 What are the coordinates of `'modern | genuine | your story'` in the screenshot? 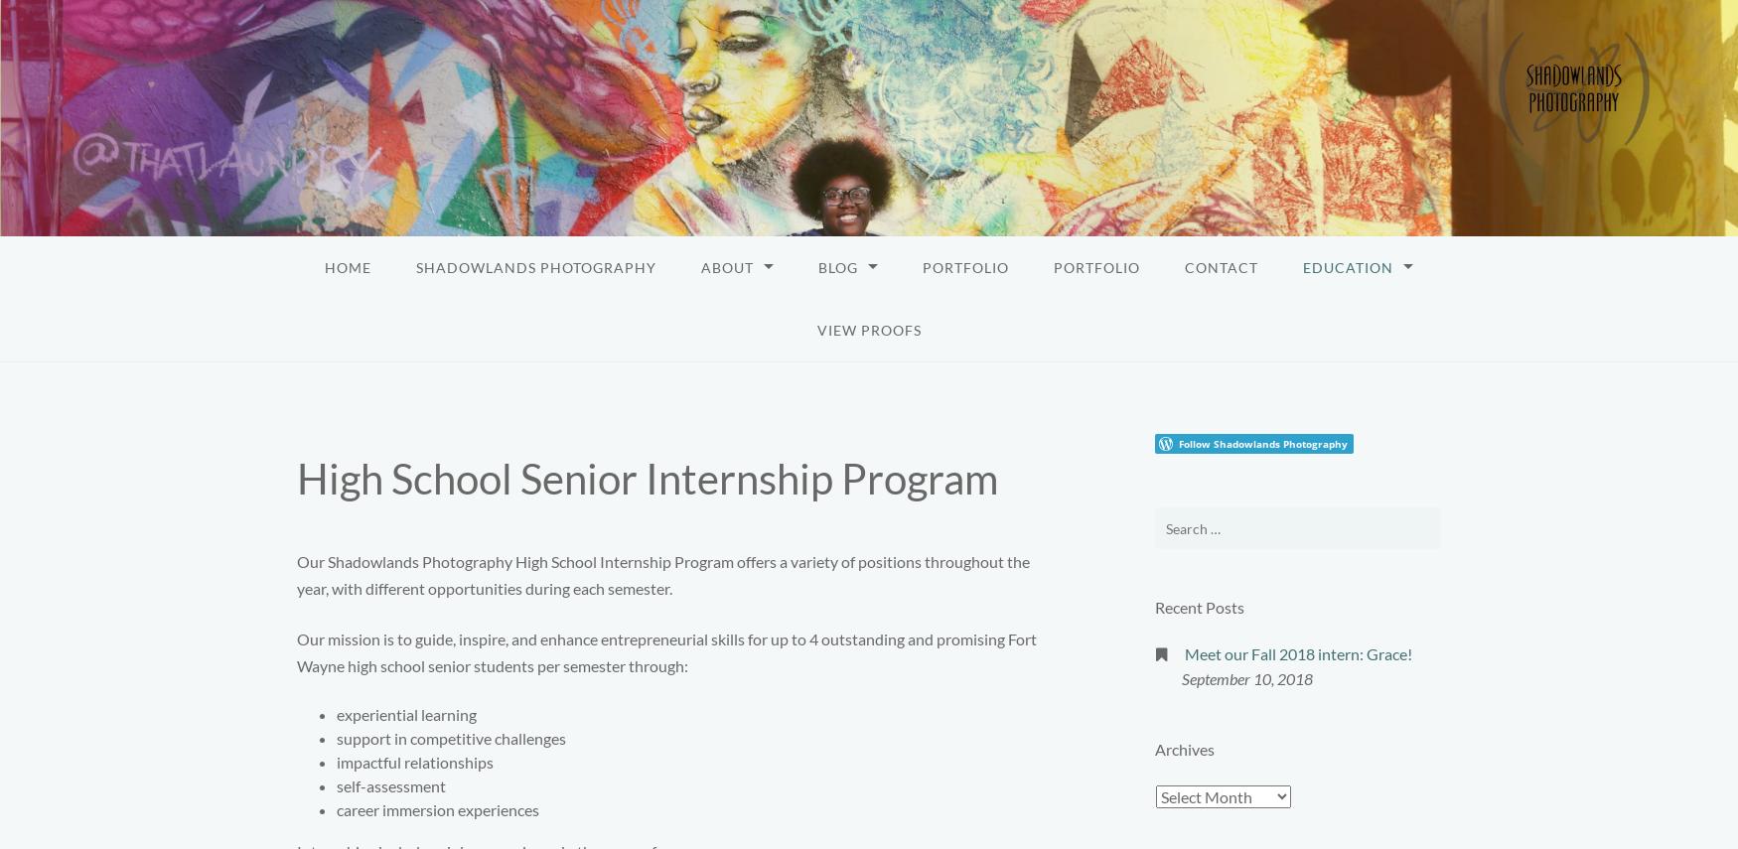 It's located at (123, 63).